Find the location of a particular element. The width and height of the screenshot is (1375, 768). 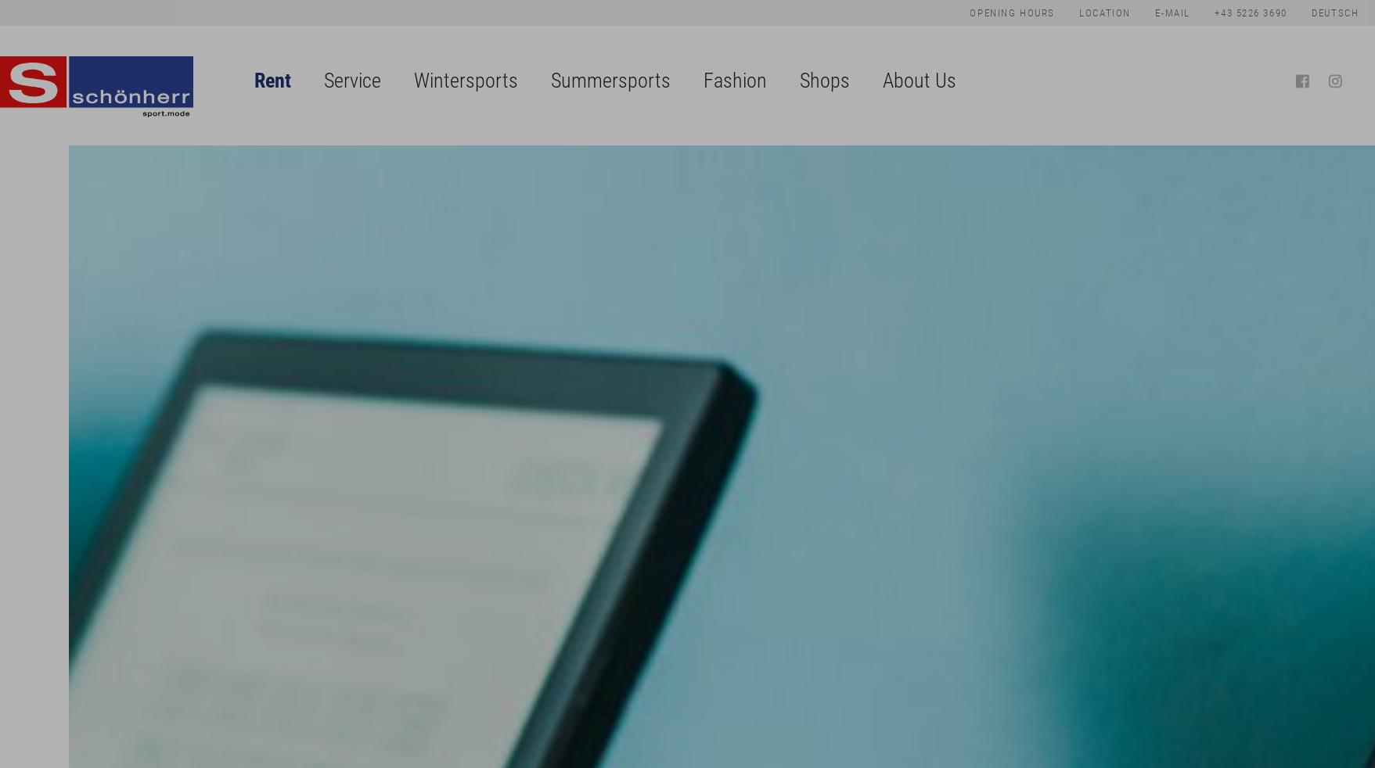

'Sports House' is located at coordinates (825, 145).